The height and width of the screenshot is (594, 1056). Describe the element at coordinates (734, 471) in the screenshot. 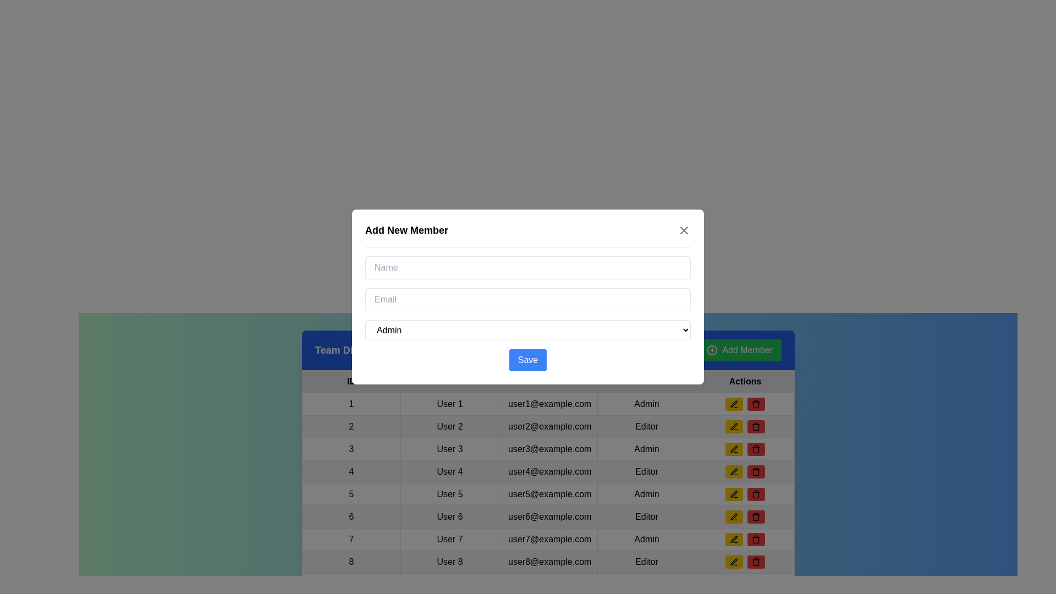

I see `the edit icon button represented by a pen icon in the fourth row of the user table's 'Actions' column` at that location.